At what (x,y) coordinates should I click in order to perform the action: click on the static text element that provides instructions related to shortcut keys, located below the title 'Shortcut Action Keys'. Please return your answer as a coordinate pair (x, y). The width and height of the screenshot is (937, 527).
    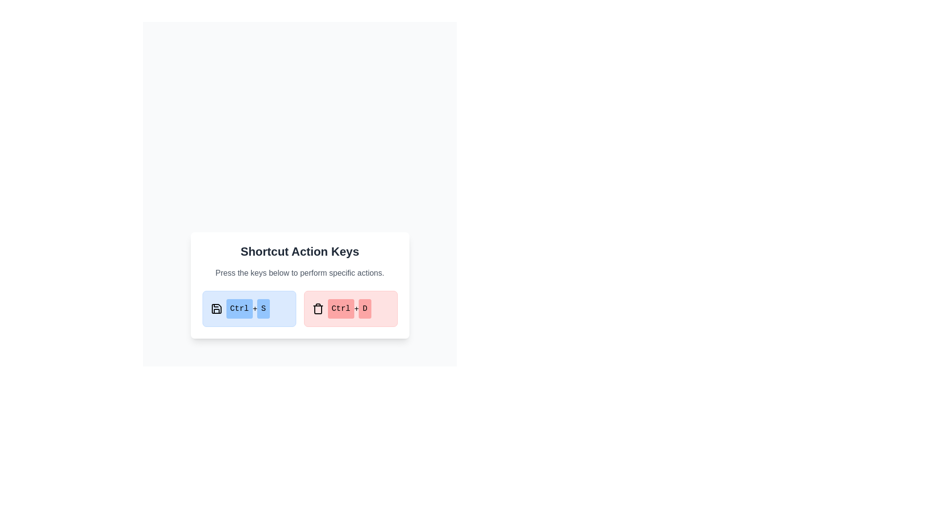
    Looking at the image, I should click on (299, 273).